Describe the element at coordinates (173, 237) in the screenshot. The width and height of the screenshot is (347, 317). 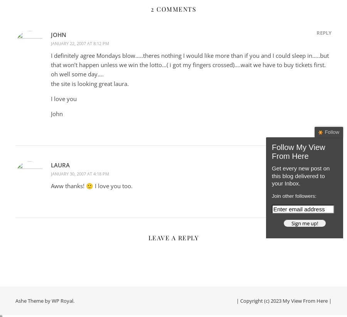
I see `'Leave a Reply'` at that location.